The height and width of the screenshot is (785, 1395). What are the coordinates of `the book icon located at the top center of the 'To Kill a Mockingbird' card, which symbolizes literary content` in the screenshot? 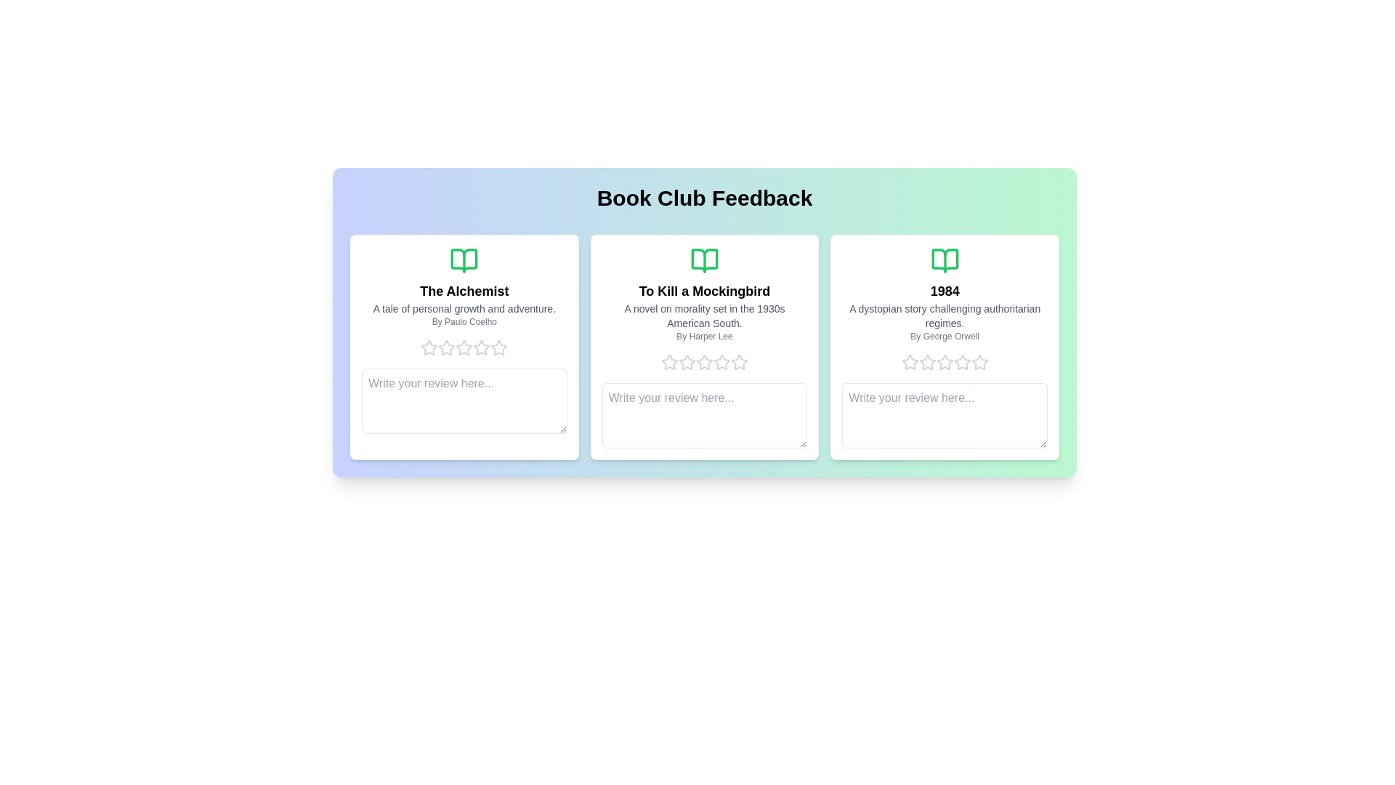 It's located at (704, 259).